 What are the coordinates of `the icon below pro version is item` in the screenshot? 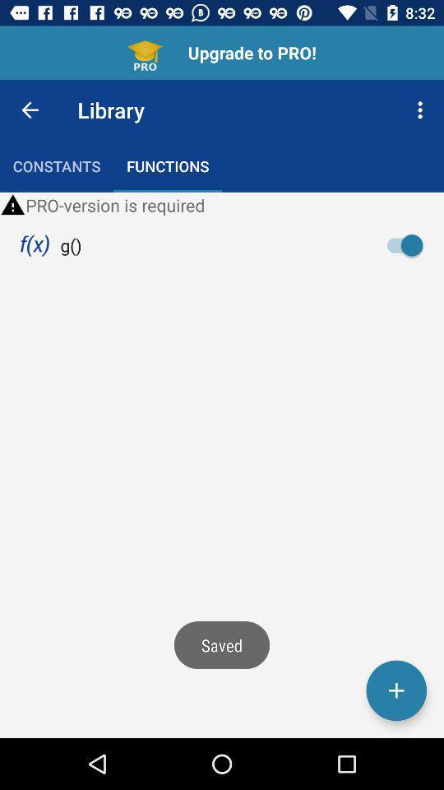 It's located at (35, 244).